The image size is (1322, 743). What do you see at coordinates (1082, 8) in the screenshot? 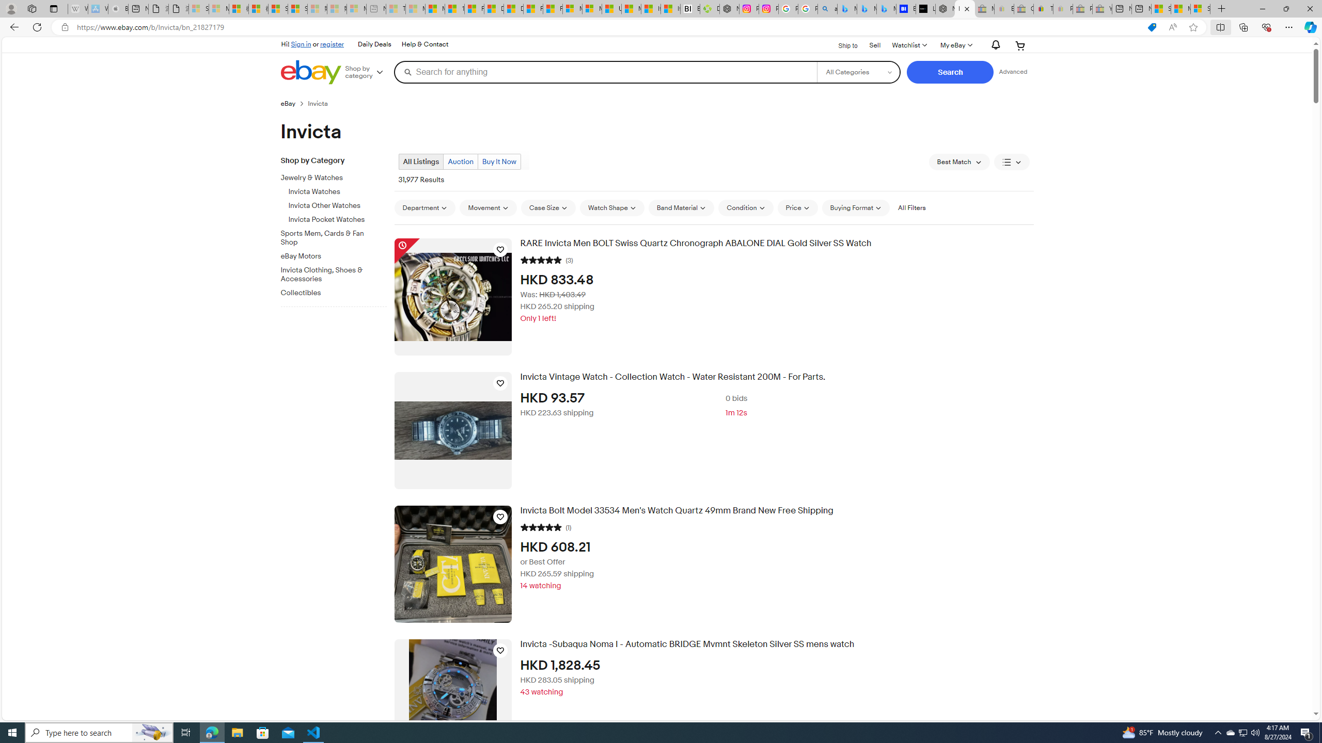
I see `'Press Room - eBay Inc. - Sleeping'` at bounding box center [1082, 8].